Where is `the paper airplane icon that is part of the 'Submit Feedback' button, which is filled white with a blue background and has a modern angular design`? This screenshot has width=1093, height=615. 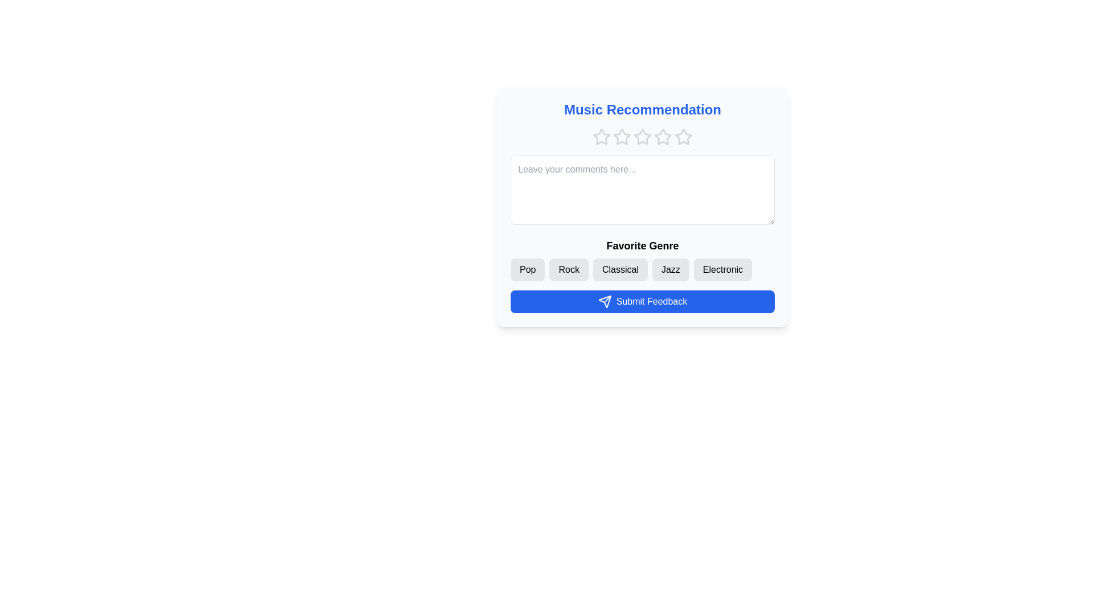
the paper airplane icon that is part of the 'Submit Feedback' button, which is filled white with a blue background and has a modern angular design is located at coordinates (604, 301).